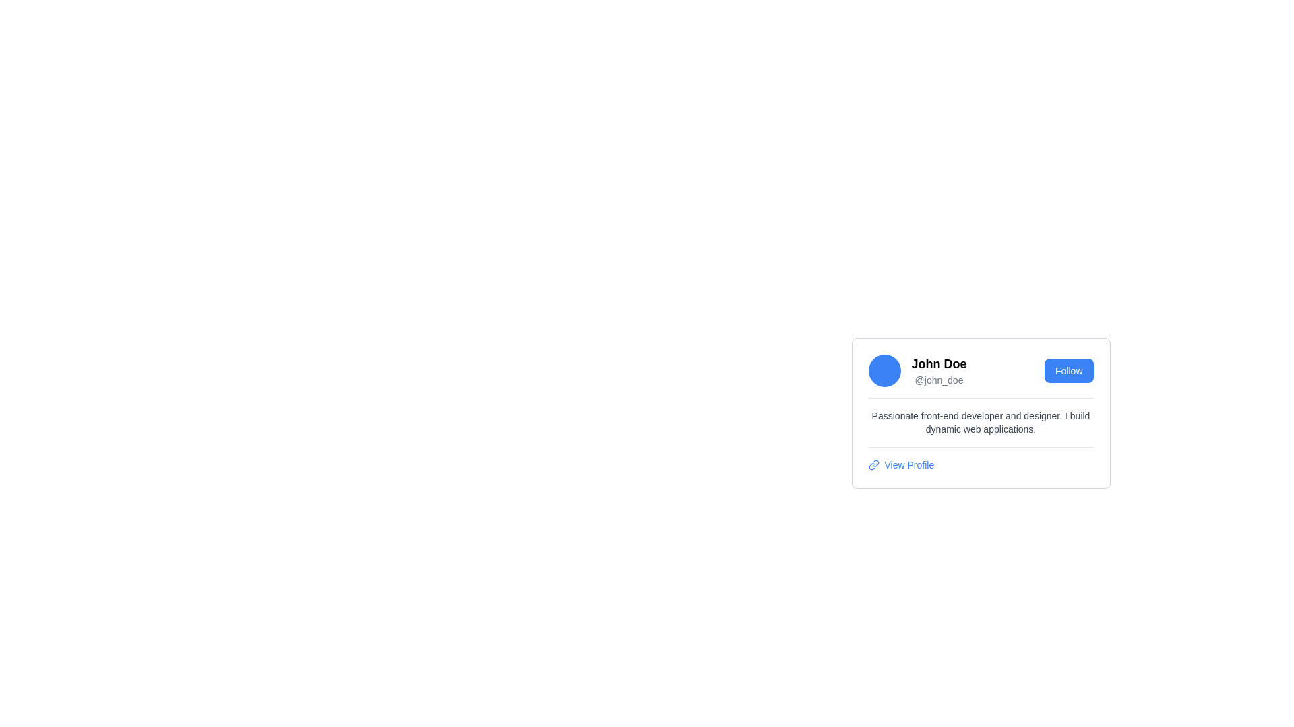  What do you see at coordinates (981, 422) in the screenshot?
I see `static text element containing the phrase 'Passionate front-end developer and designer. I build dynamic web applications', which is styled in a small font size and gray color, located underneath the user's name in the profile card` at bounding box center [981, 422].